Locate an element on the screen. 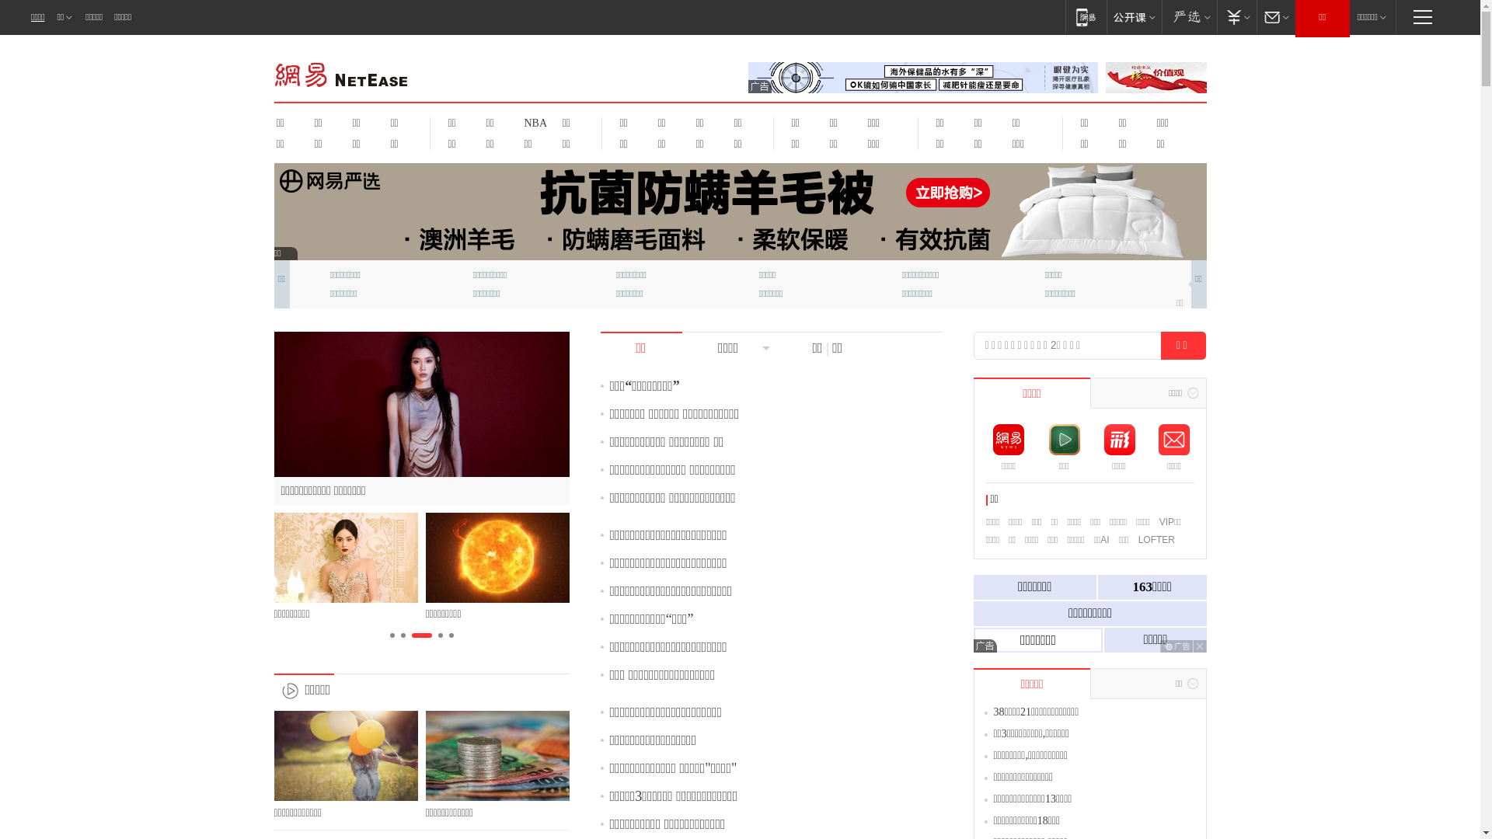 The height and width of the screenshot is (839, 1492). 'LOFTER' is located at coordinates (1156, 538).